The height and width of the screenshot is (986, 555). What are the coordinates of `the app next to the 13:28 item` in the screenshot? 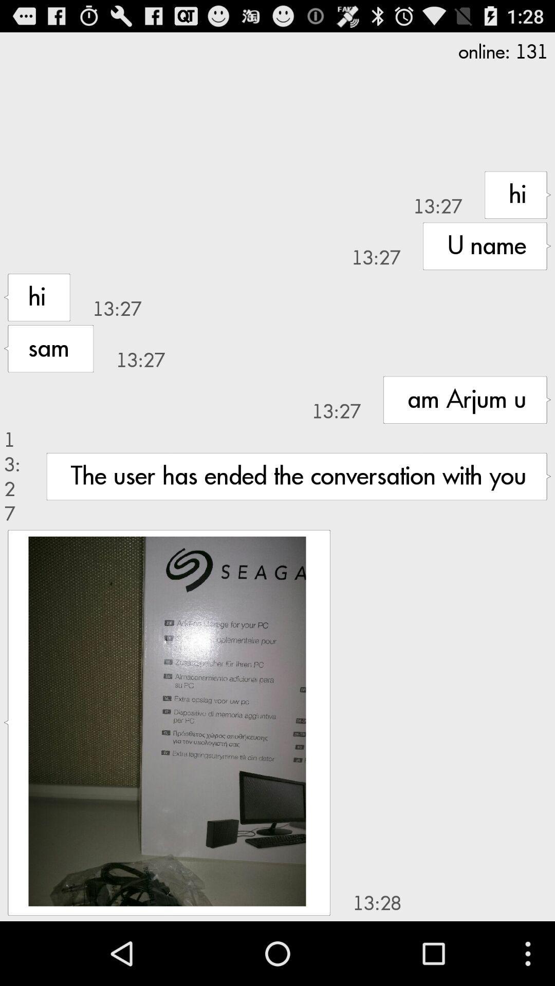 It's located at (166, 720).